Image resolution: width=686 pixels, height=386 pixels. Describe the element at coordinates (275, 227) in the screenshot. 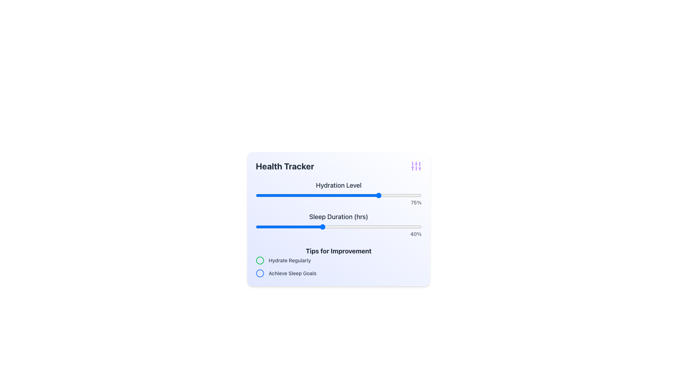

I see `the sleep duration slider` at that location.